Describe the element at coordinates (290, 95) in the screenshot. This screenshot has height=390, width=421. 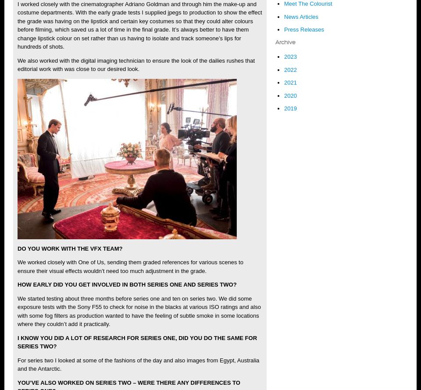
I see `'2020'` at that location.